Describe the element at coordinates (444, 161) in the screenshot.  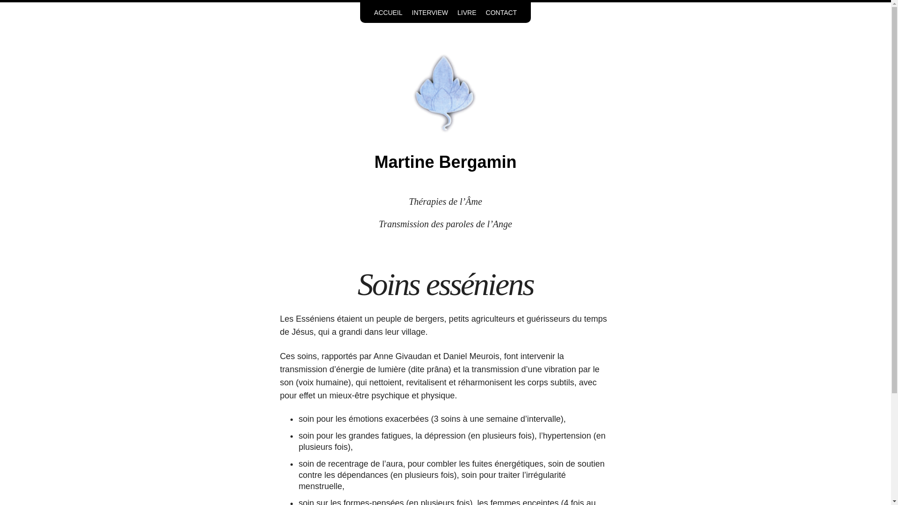
I see `'Martine Bergamin'` at that location.